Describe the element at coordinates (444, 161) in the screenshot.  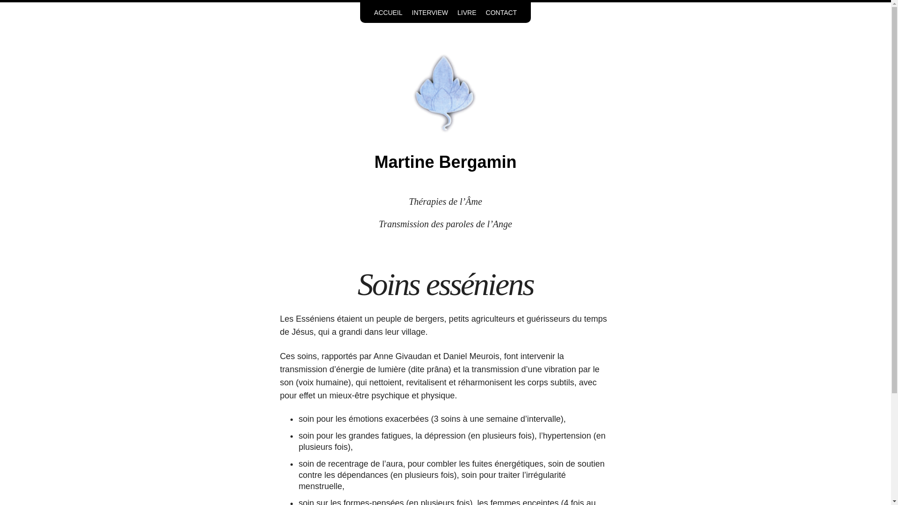
I see `'Martine Bergamin'` at that location.